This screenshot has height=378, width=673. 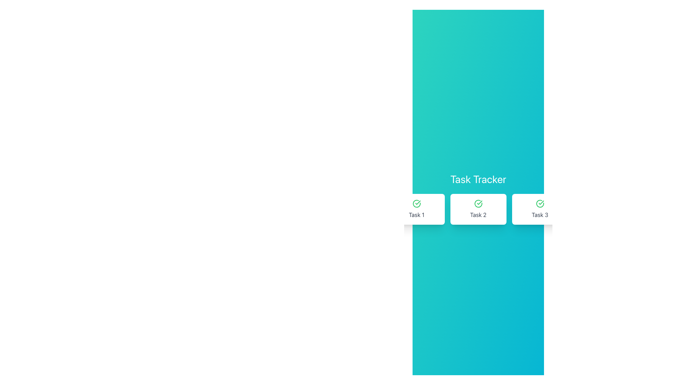 What do you see at coordinates (478, 204) in the screenshot?
I see `the green circular icon with a checkmark inside, which indicates task completion, located above and centered relative to the text 'Task 2'` at bounding box center [478, 204].